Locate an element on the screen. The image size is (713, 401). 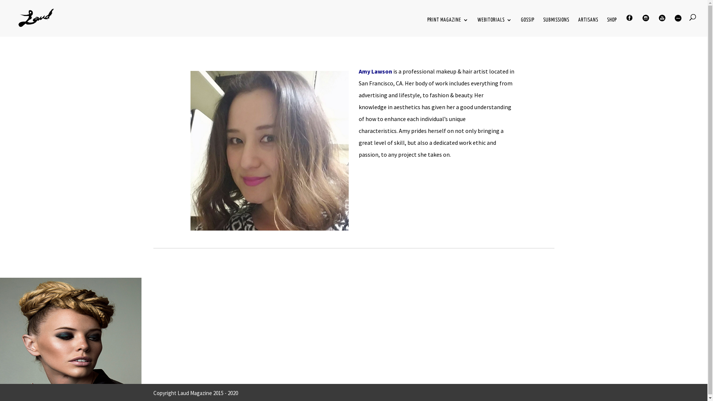
'SHOP' is located at coordinates (607, 27).